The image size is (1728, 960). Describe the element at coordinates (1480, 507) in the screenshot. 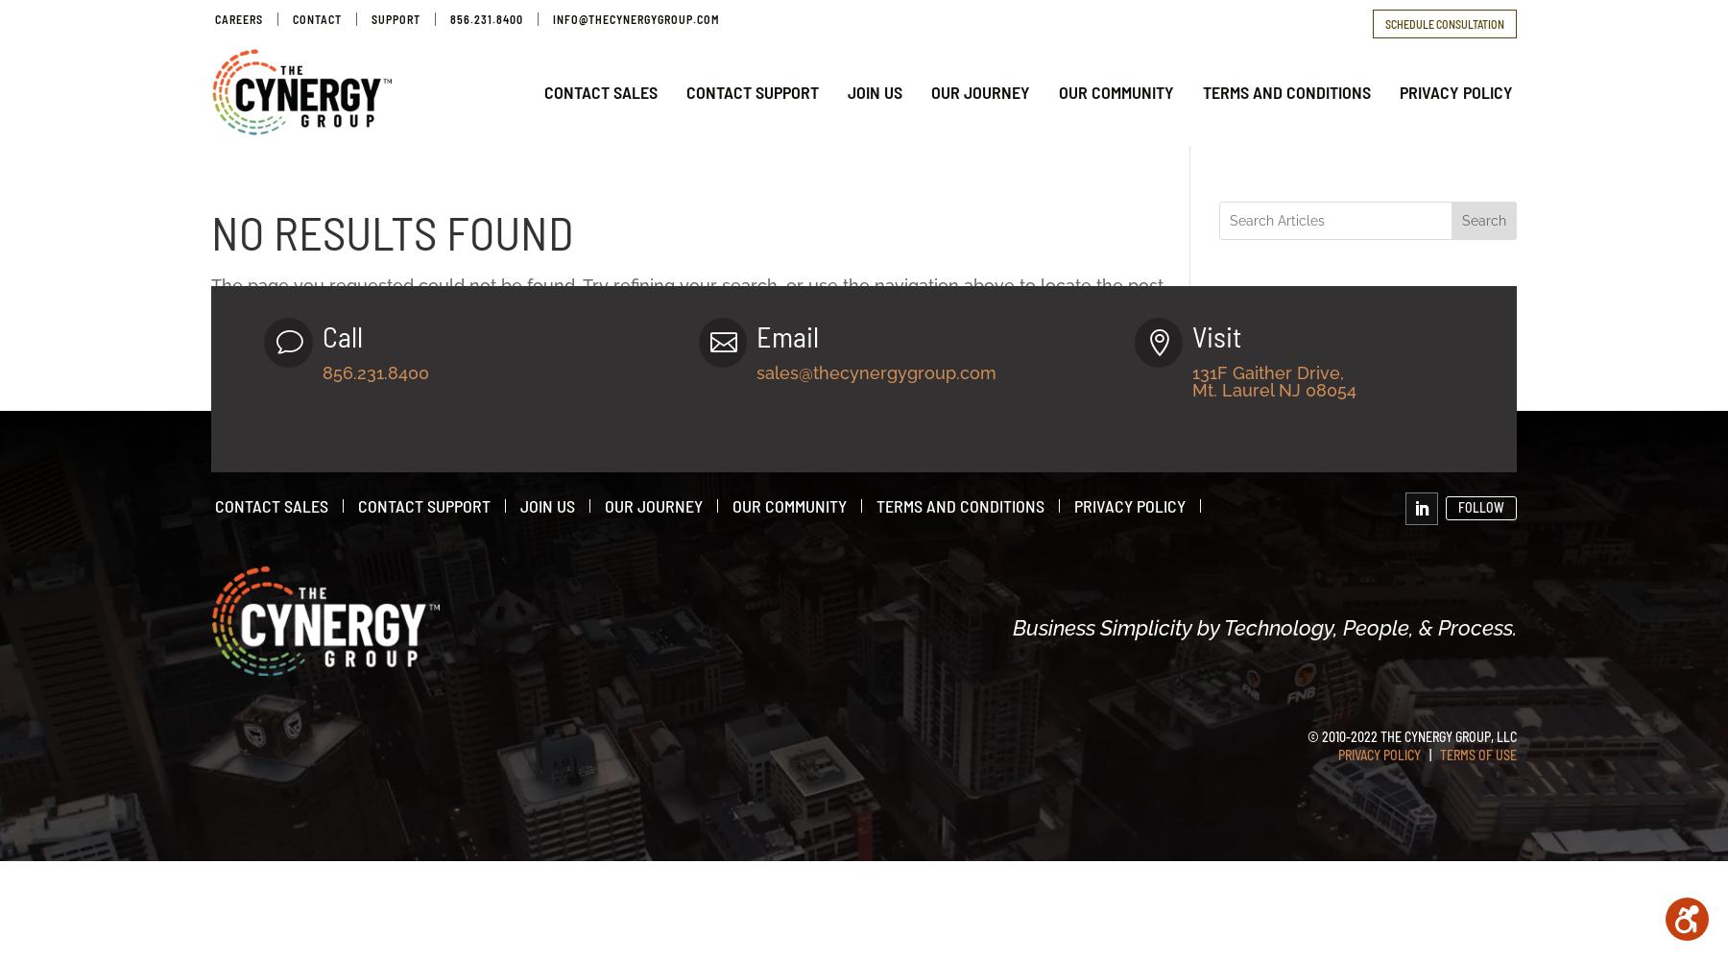

I see `'Follow'` at that location.